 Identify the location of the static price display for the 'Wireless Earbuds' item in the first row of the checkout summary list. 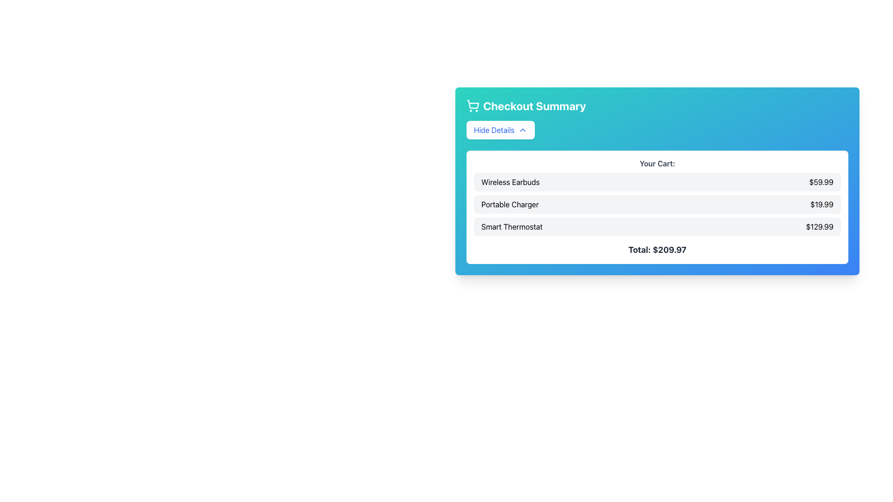
(821, 182).